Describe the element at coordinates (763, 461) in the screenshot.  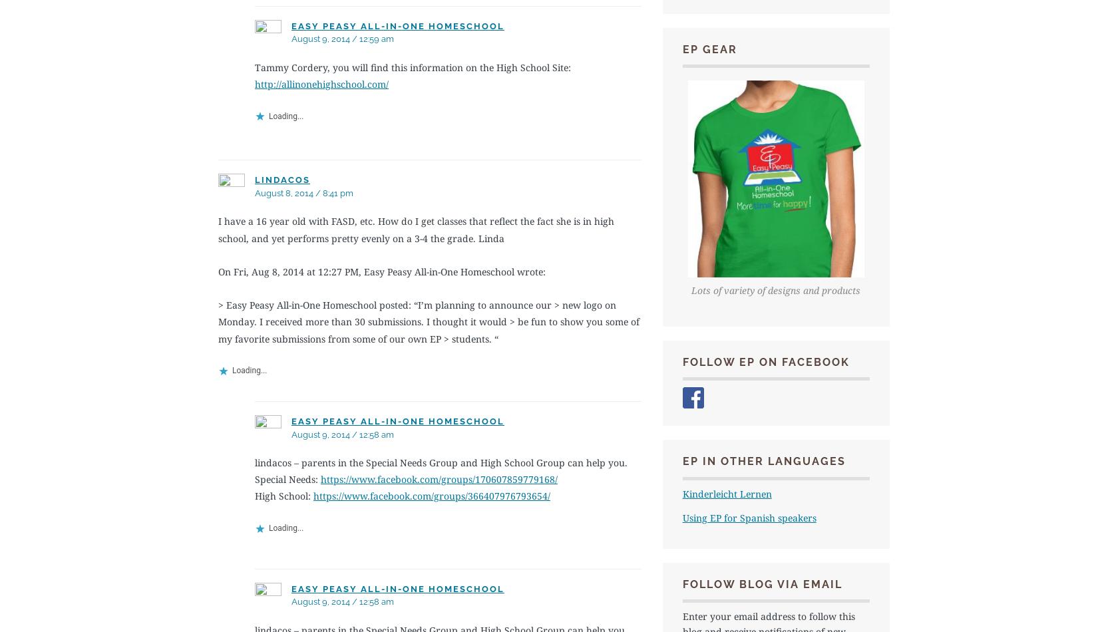
I see `'EP in Other Languages'` at that location.